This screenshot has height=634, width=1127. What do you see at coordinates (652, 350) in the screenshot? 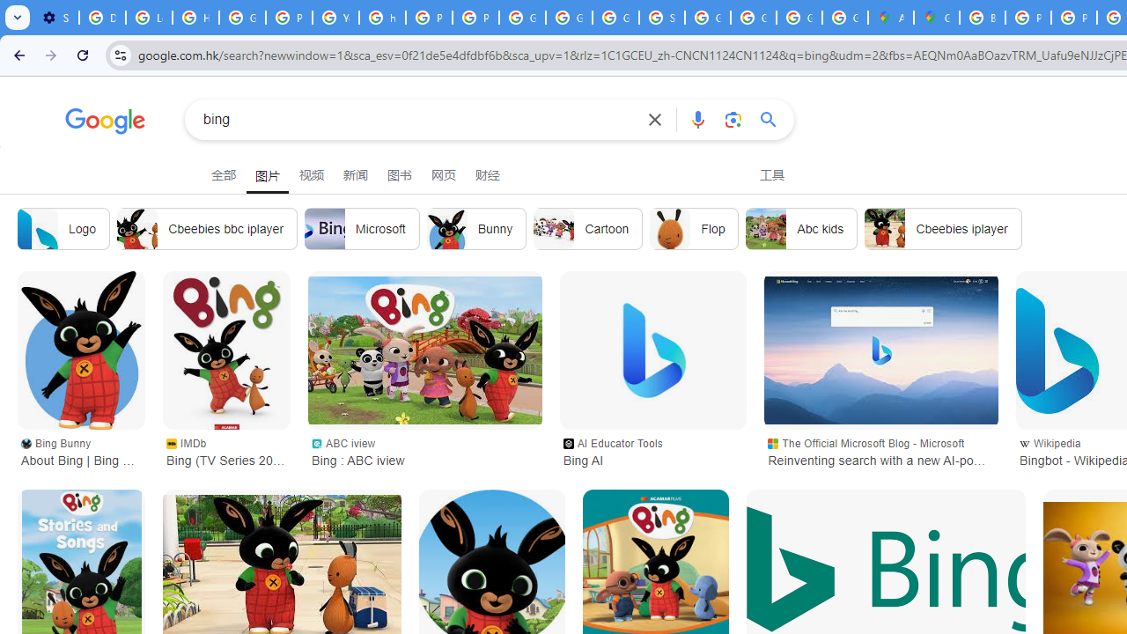
I see `'Bing AI'` at bounding box center [652, 350].